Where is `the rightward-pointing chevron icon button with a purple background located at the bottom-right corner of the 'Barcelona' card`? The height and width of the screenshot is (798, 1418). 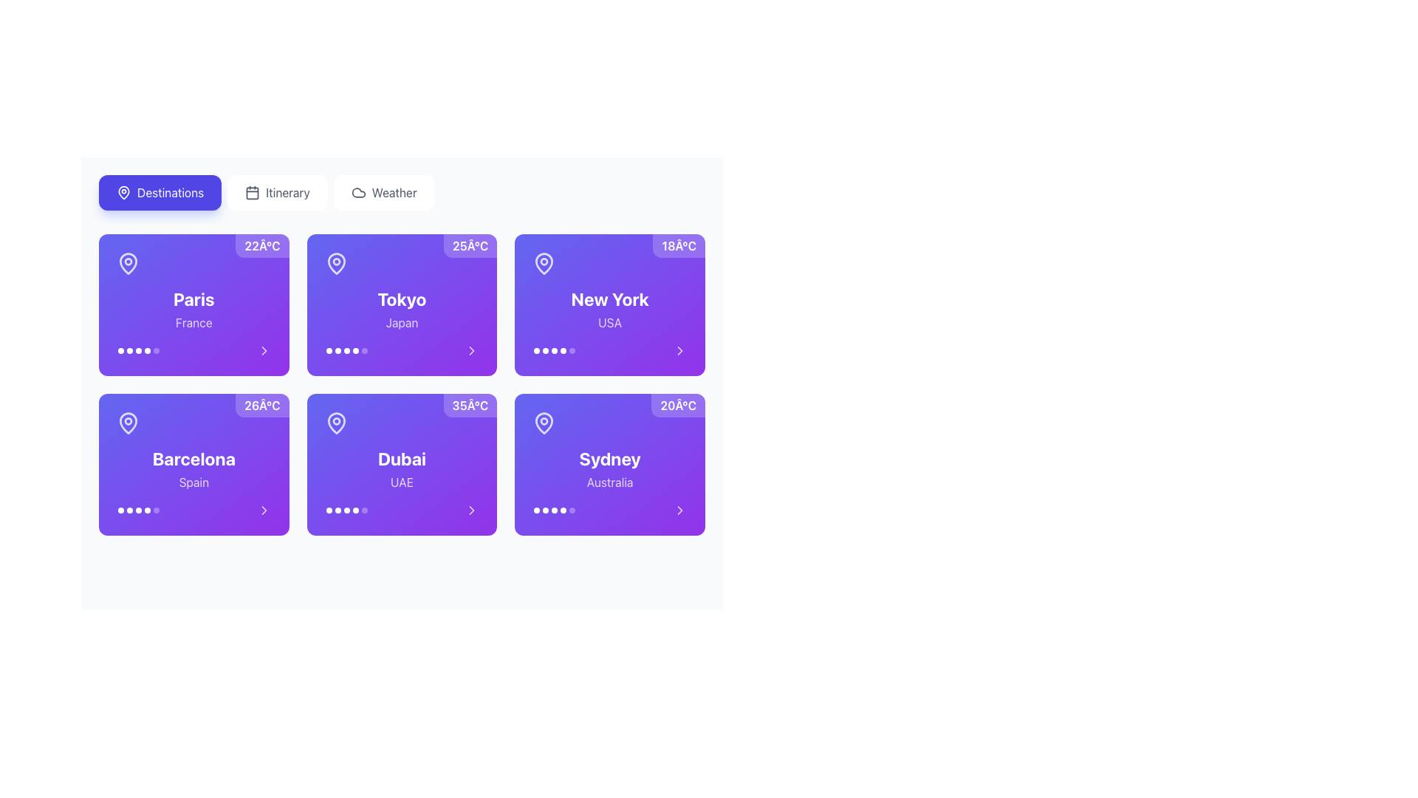
the rightward-pointing chevron icon button with a purple background located at the bottom-right corner of the 'Barcelona' card is located at coordinates (264, 509).